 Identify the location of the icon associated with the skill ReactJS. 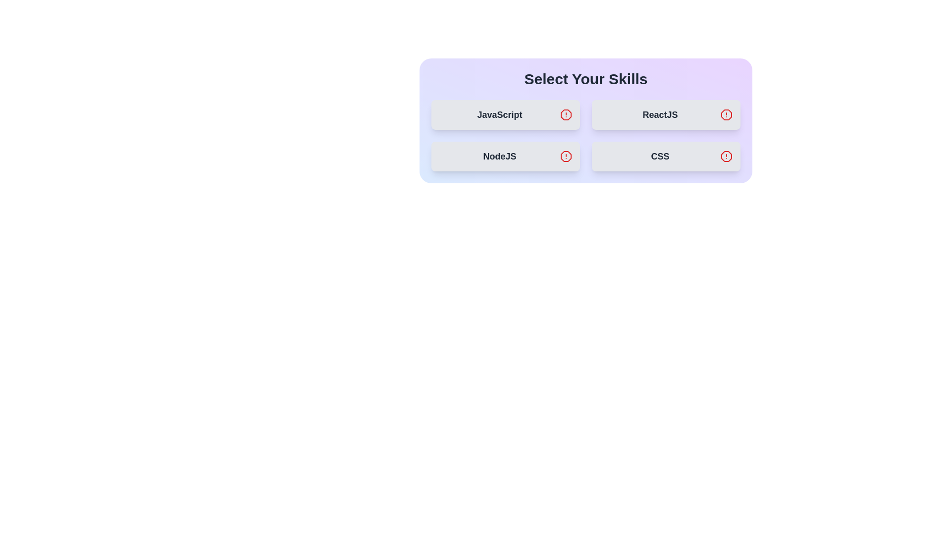
(727, 114).